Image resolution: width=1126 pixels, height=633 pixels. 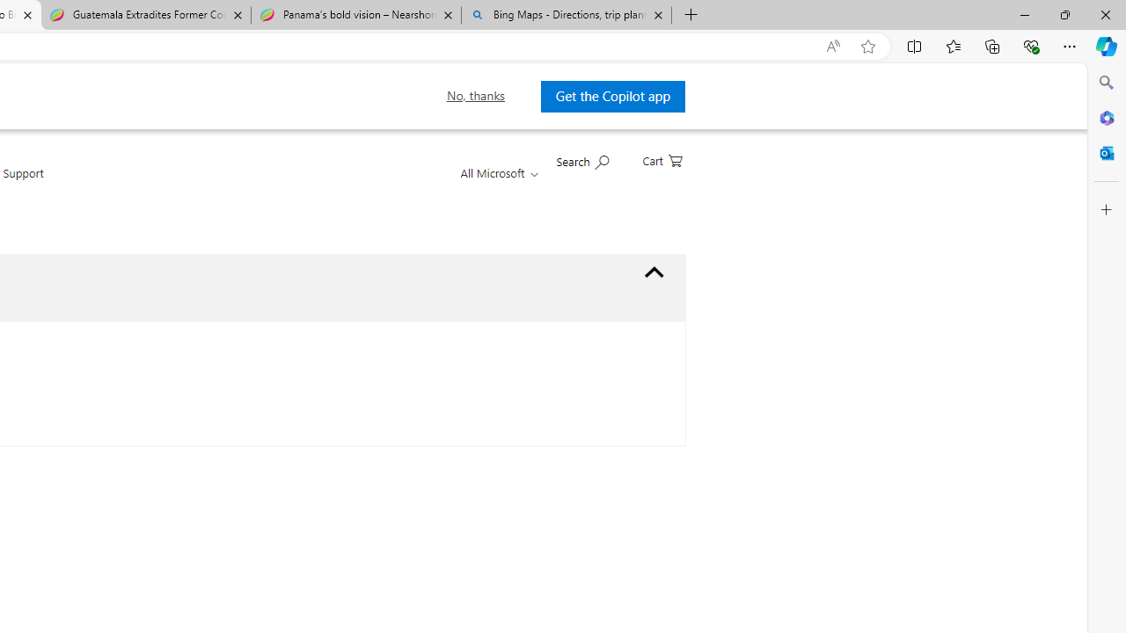 What do you see at coordinates (661, 159) in the screenshot?
I see `'0 items in shopping cart'` at bounding box center [661, 159].